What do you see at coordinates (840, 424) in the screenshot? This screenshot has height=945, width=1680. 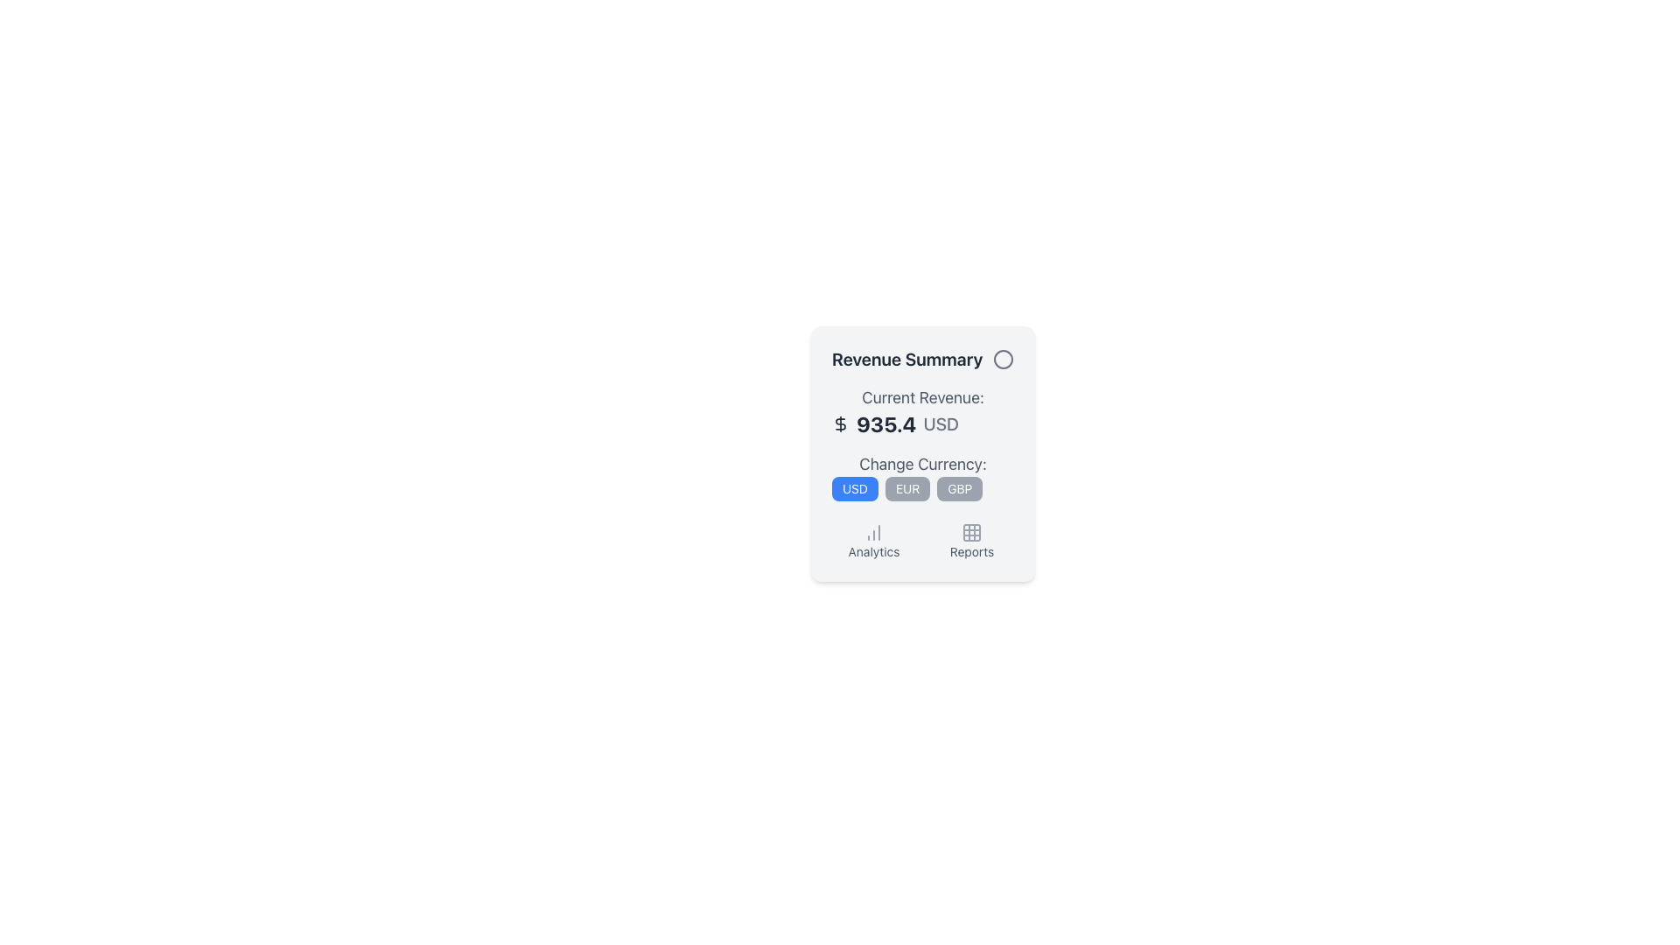 I see `the dollar sign icon, which is styled with a minimalistic, thin-stroke design and located to the left of the text '935.4 USD' under the label 'Current Revenue:'` at bounding box center [840, 424].